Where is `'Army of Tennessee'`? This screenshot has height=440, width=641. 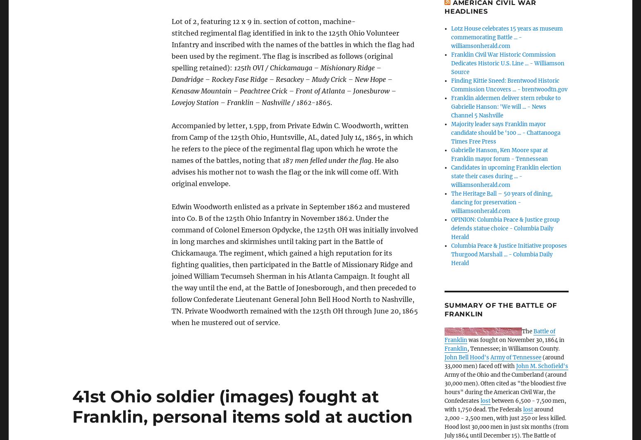
'Army of Tennessee' is located at coordinates (515, 357).